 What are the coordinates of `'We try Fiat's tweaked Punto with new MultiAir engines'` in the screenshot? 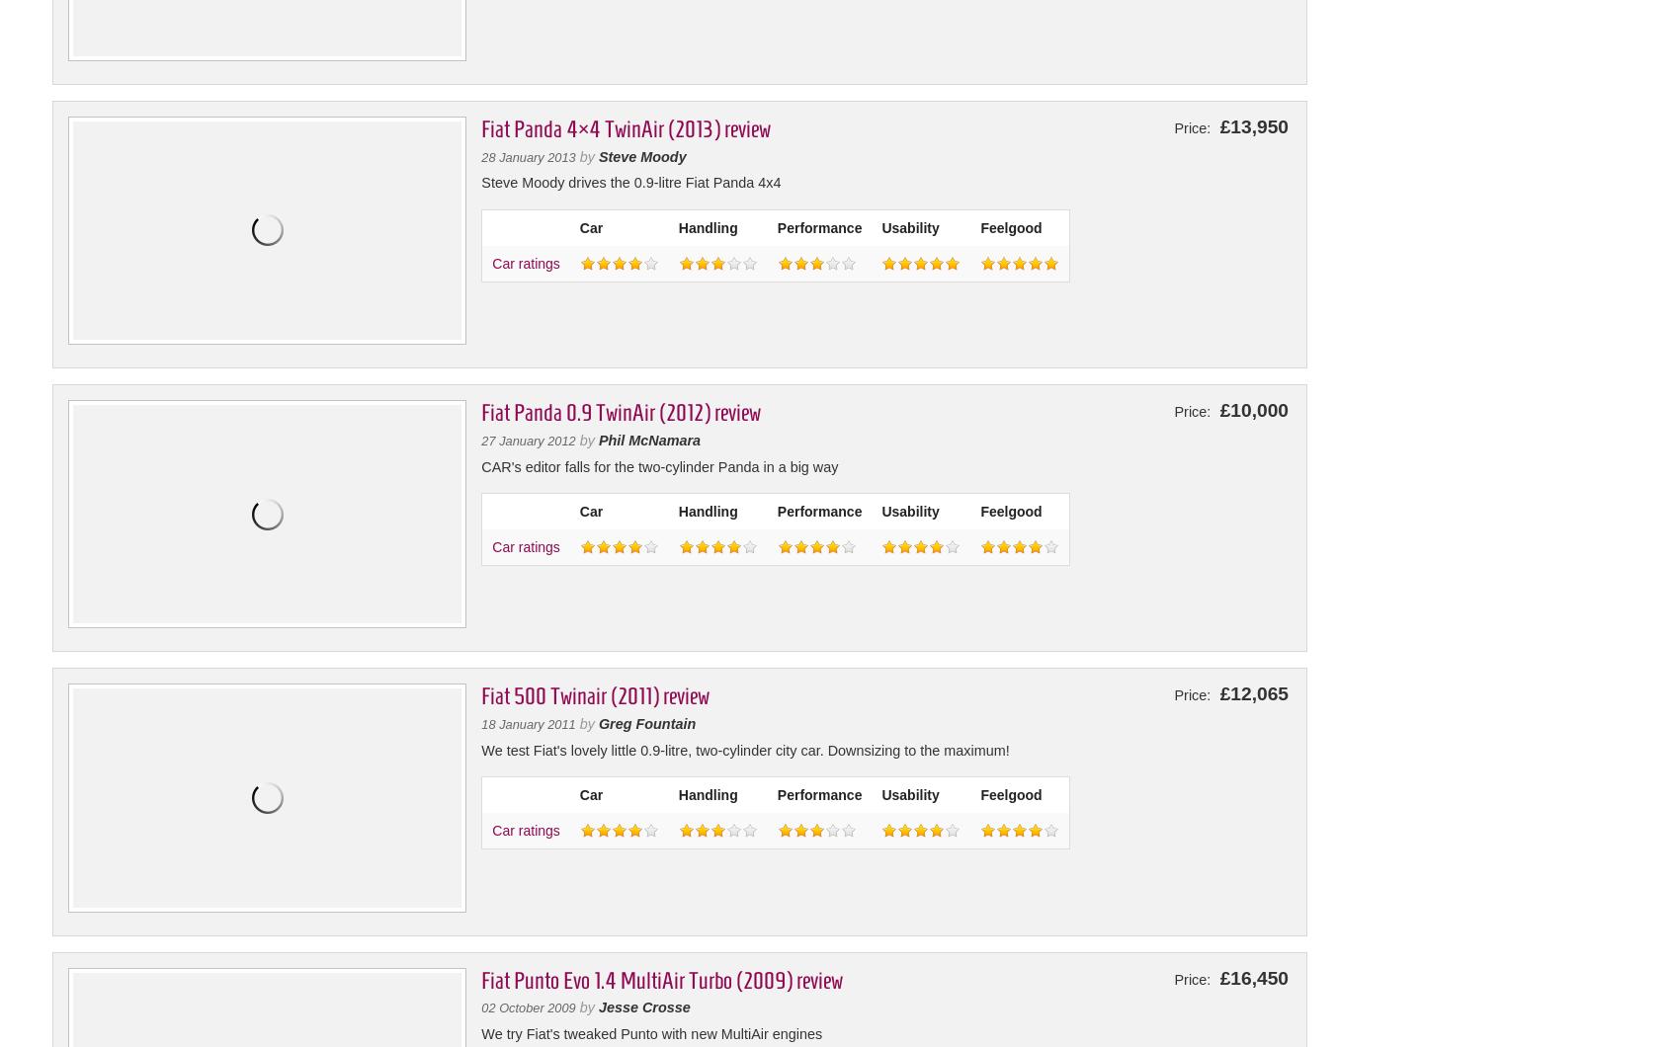 It's located at (479, 1032).